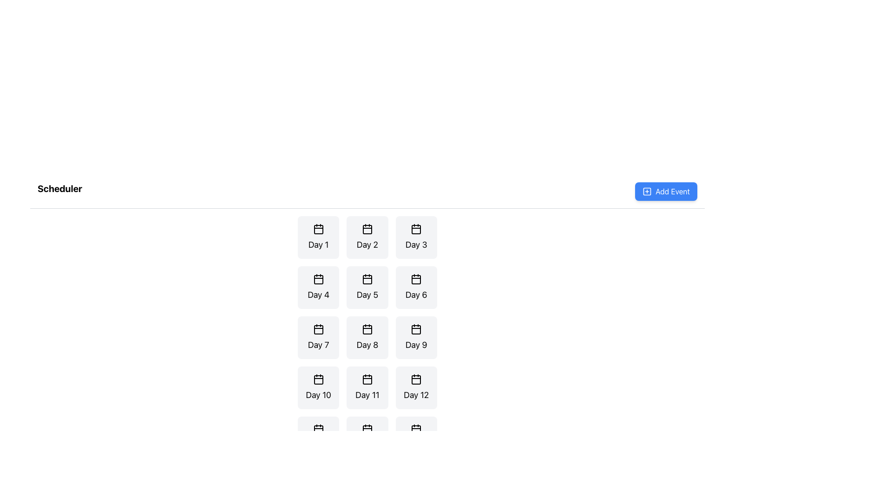 This screenshot has width=892, height=501. Describe the element at coordinates (416, 229) in the screenshot. I see `outlined calendar icon located in the top-right section of the 'Day 3' box, which features a rectangular shape and two upper sections` at that location.